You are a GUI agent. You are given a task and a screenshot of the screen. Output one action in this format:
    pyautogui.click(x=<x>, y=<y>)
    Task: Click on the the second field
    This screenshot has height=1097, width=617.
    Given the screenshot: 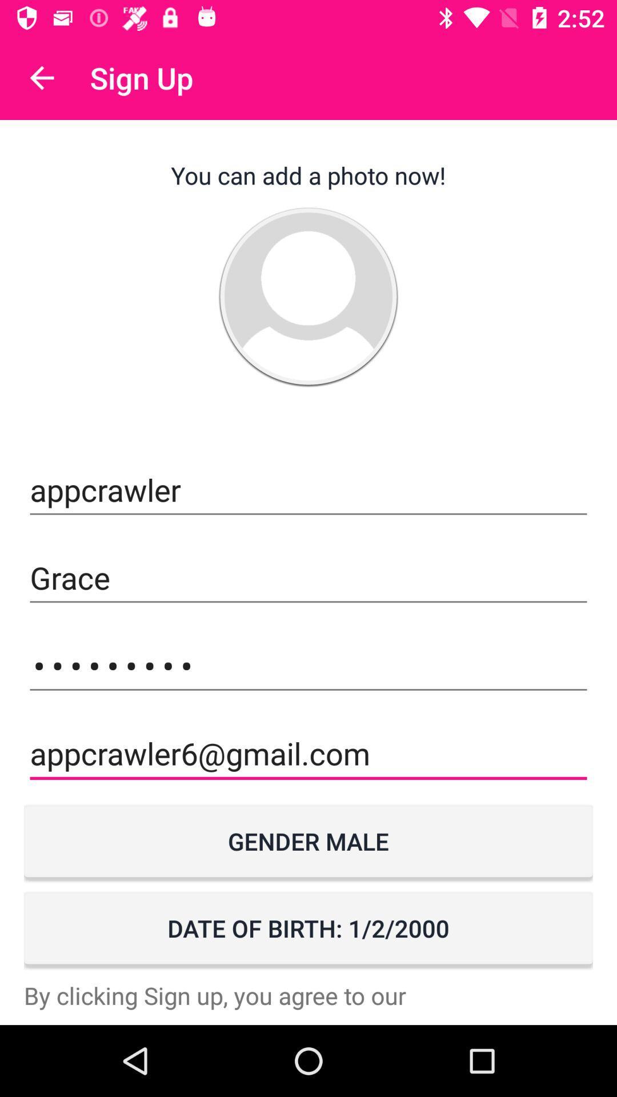 What is the action you would take?
    pyautogui.click(x=308, y=578)
    